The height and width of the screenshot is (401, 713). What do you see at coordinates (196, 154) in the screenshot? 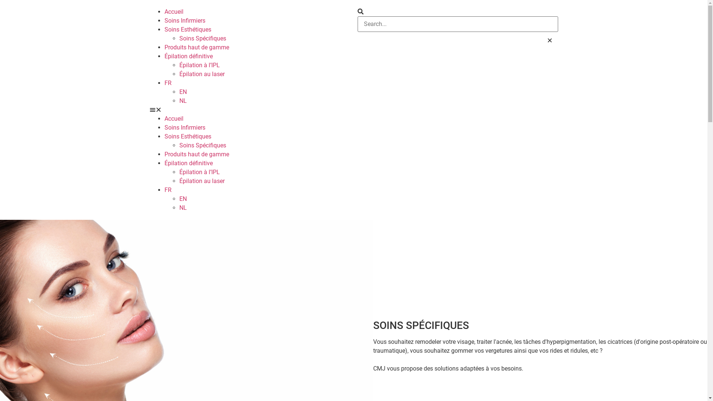
I see `'Produits haut de gamme'` at bounding box center [196, 154].